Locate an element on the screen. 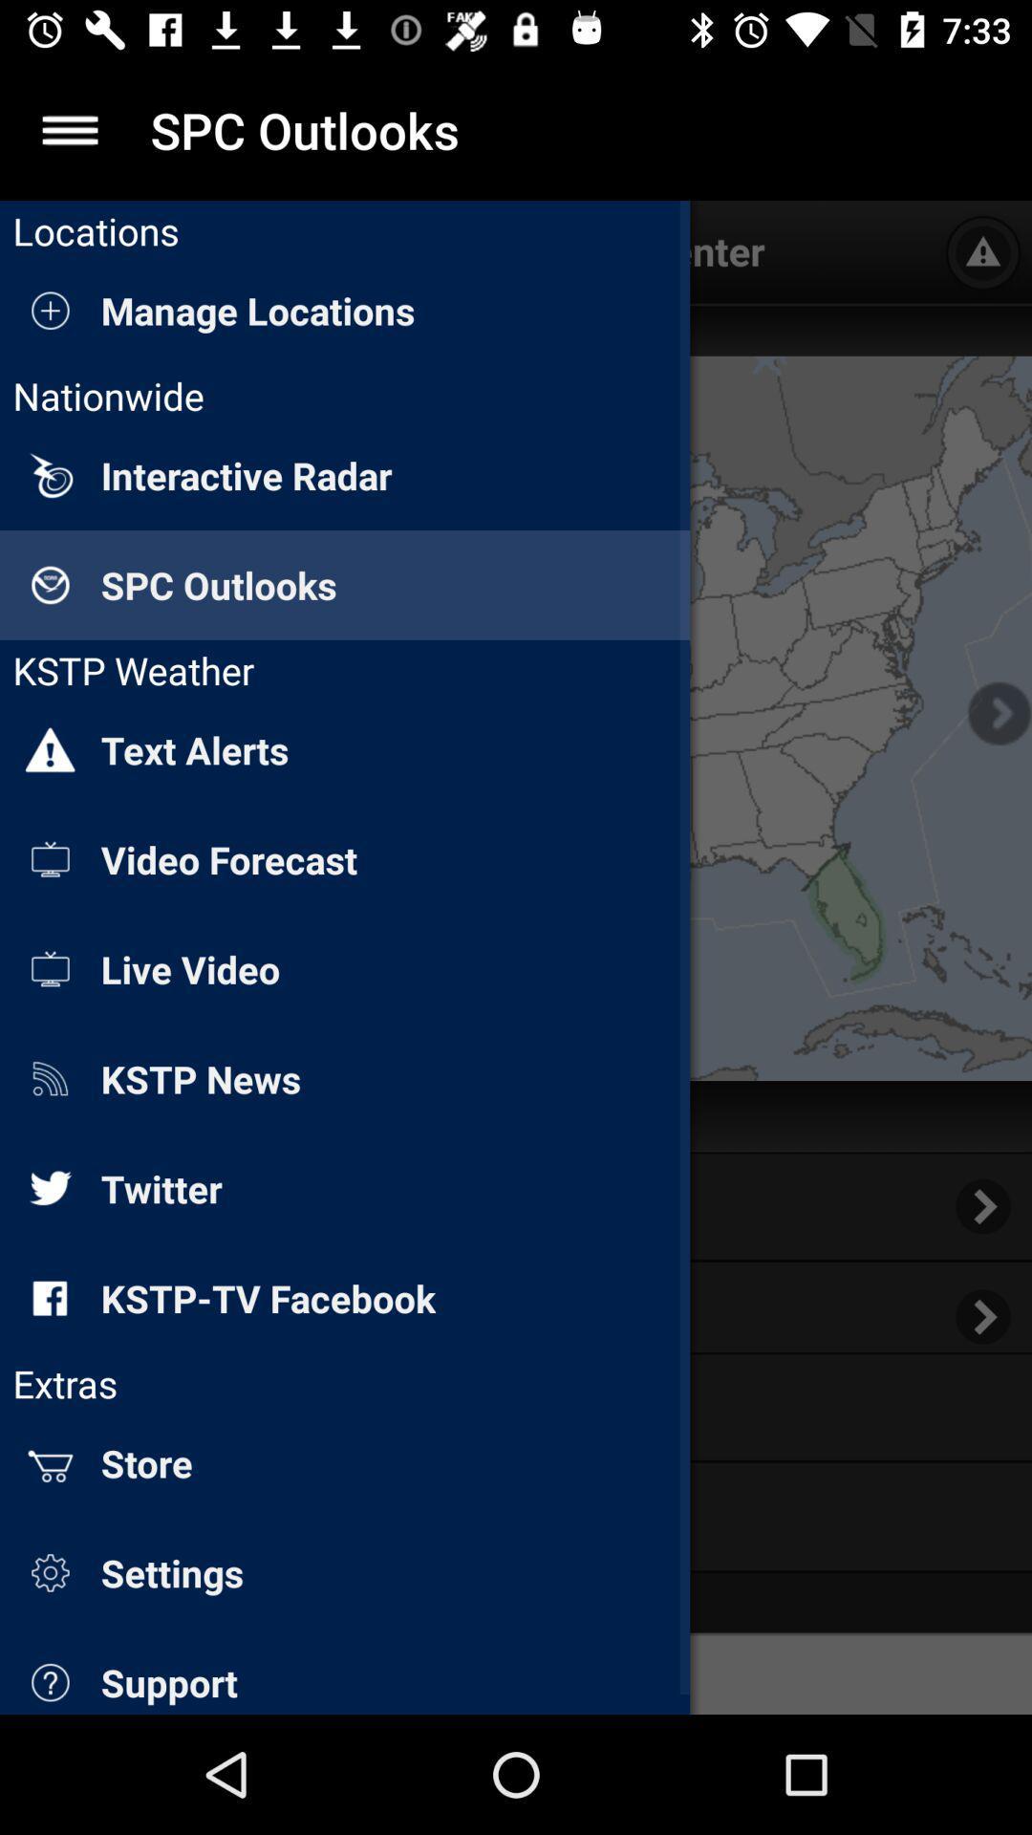 This screenshot has width=1032, height=1835. item next to the spc outlooks item is located at coordinates (69, 129).